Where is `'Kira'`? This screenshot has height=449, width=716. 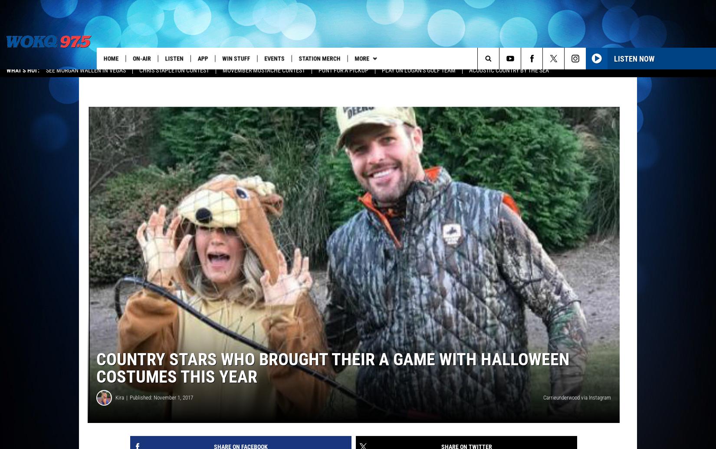
'Kira' is located at coordinates (115, 403).